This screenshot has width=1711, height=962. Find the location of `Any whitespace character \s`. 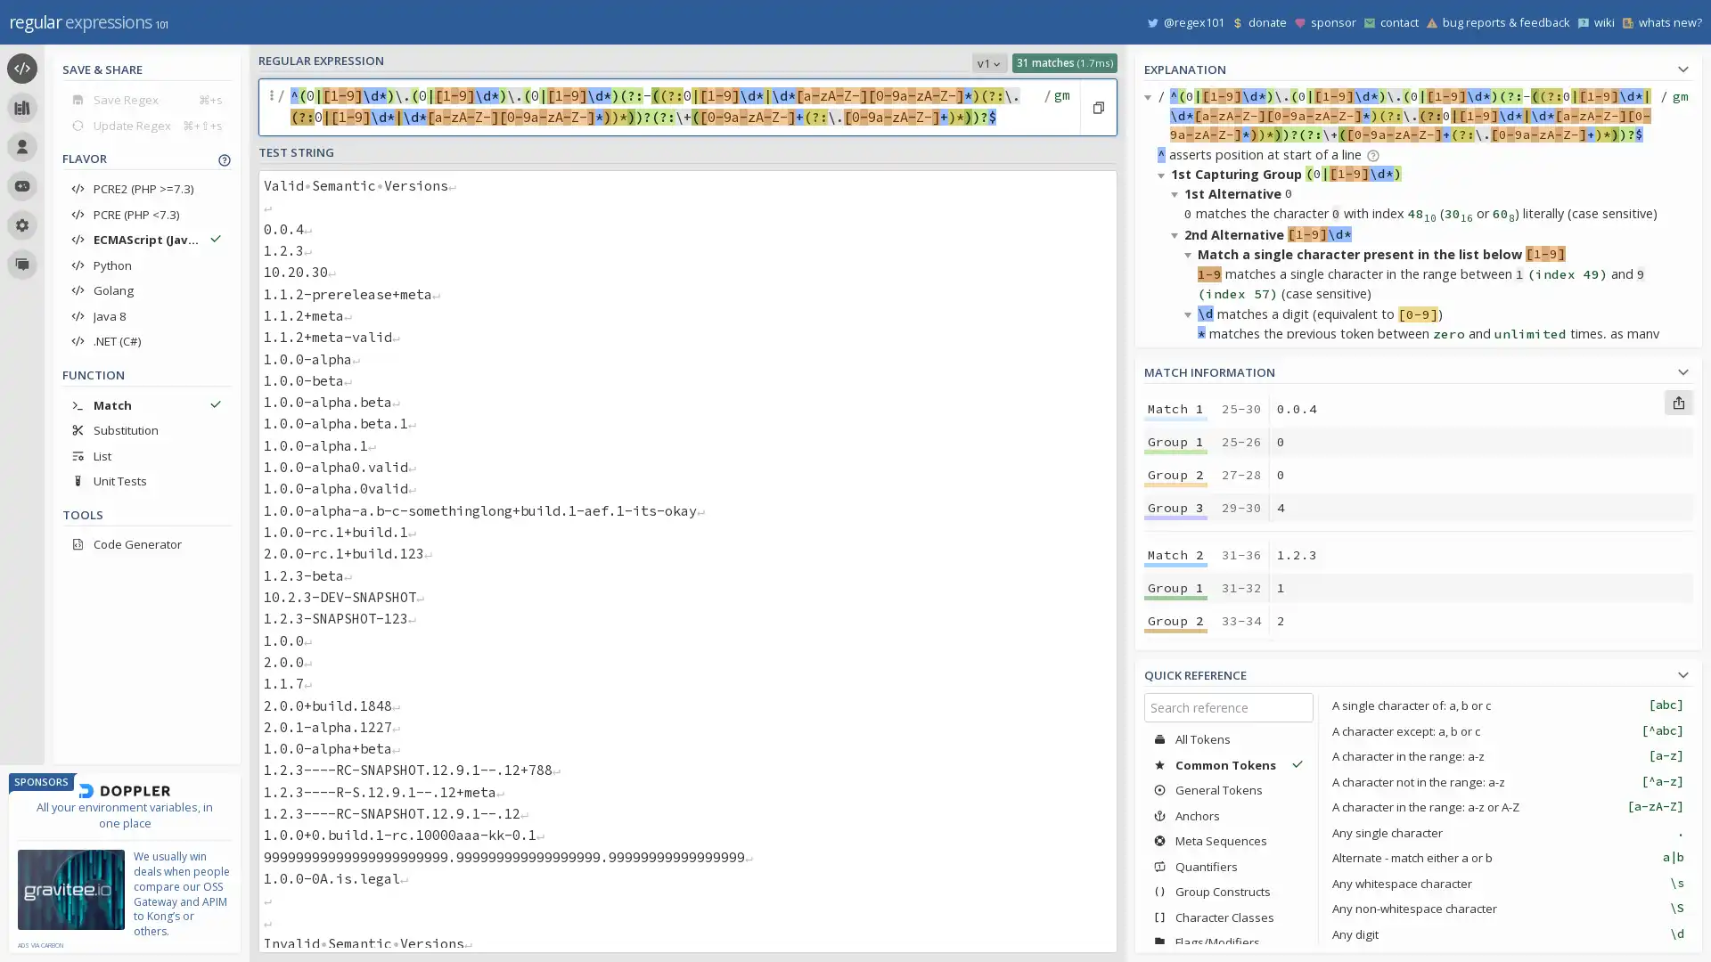

Any whitespace character \s is located at coordinates (1507, 883).